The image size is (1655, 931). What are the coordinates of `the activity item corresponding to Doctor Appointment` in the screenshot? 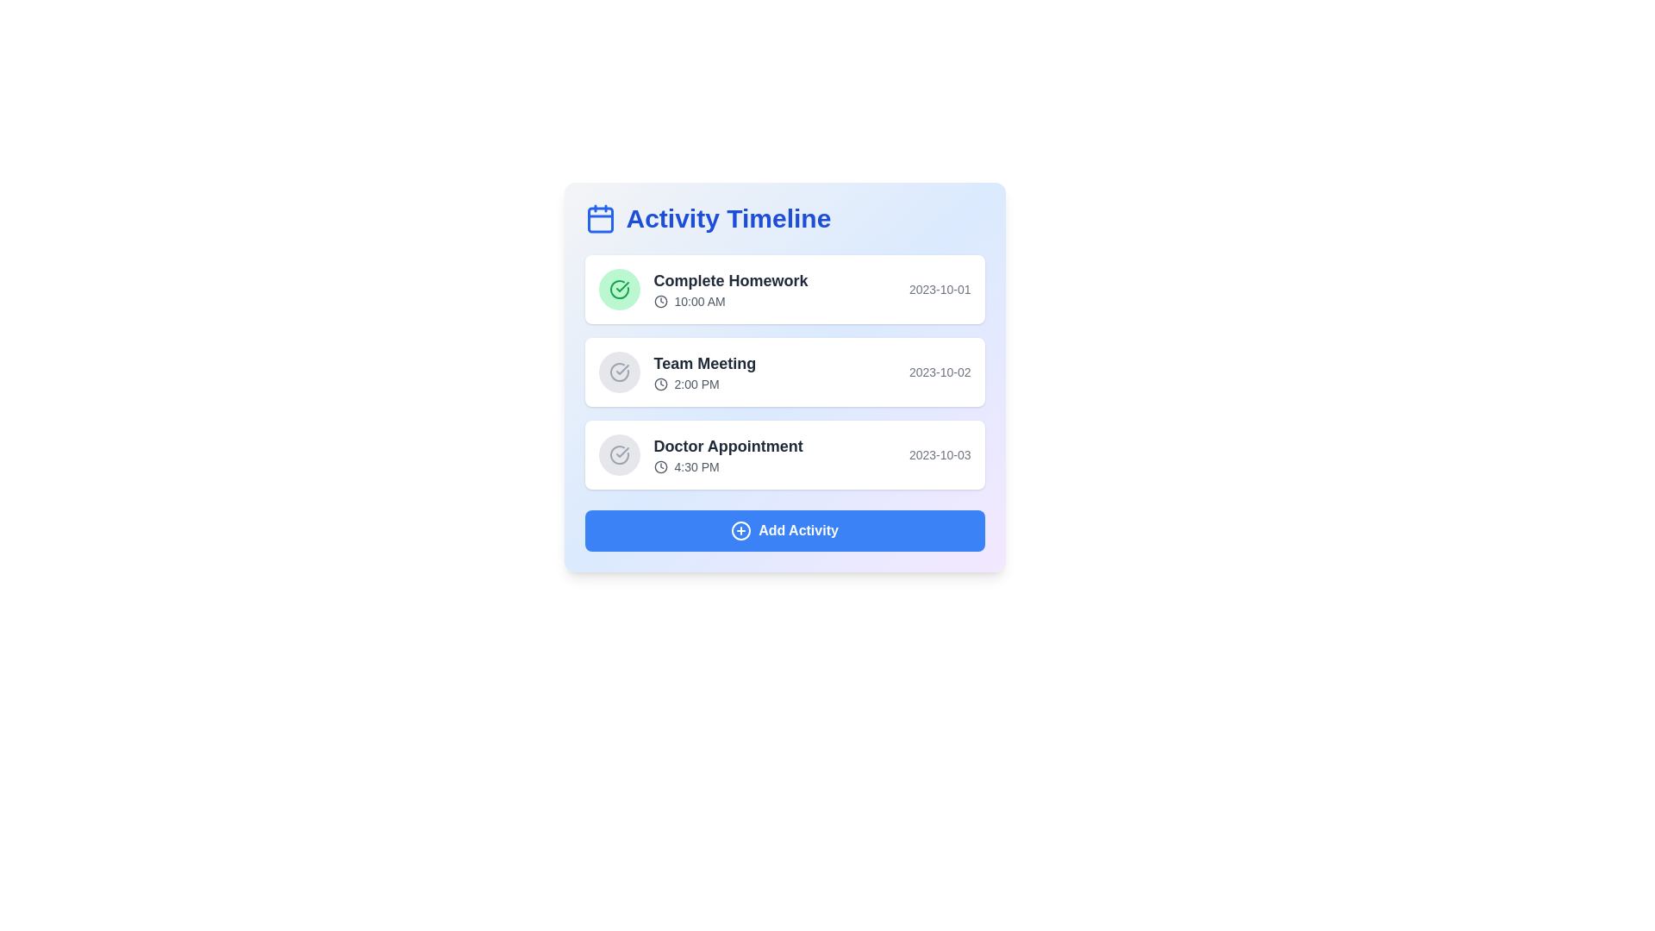 It's located at (784, 454).